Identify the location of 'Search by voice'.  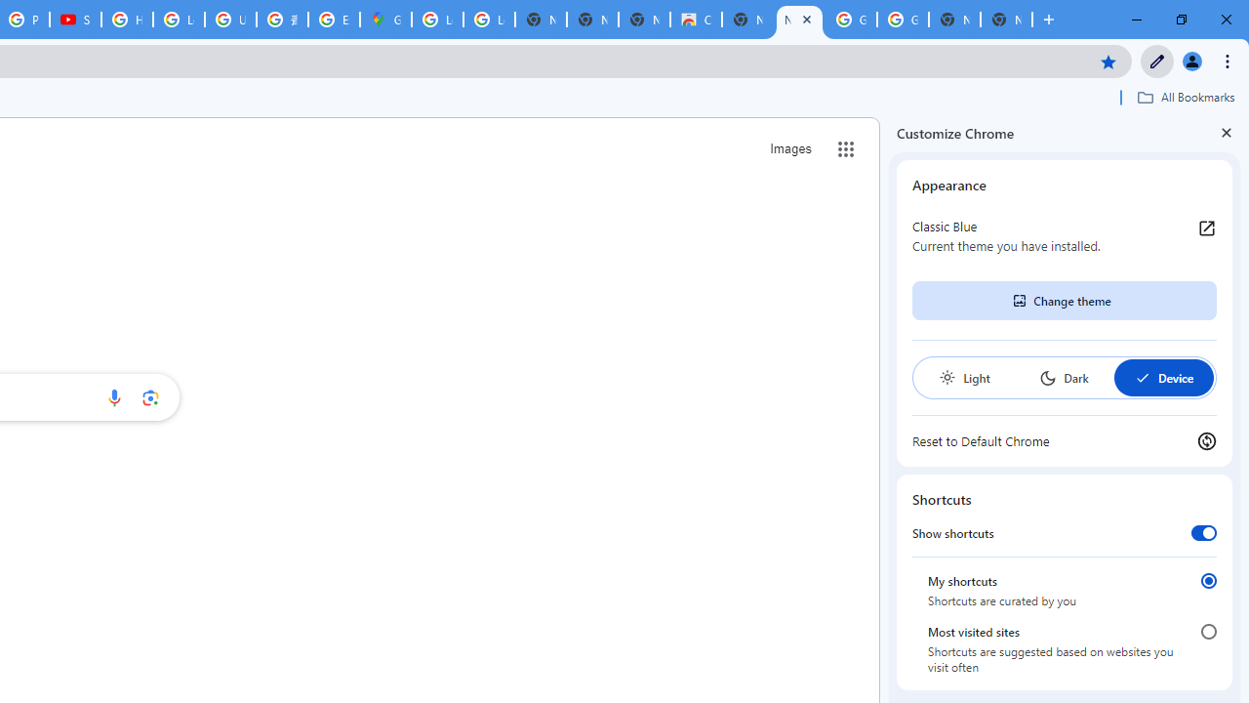
(113, 396).